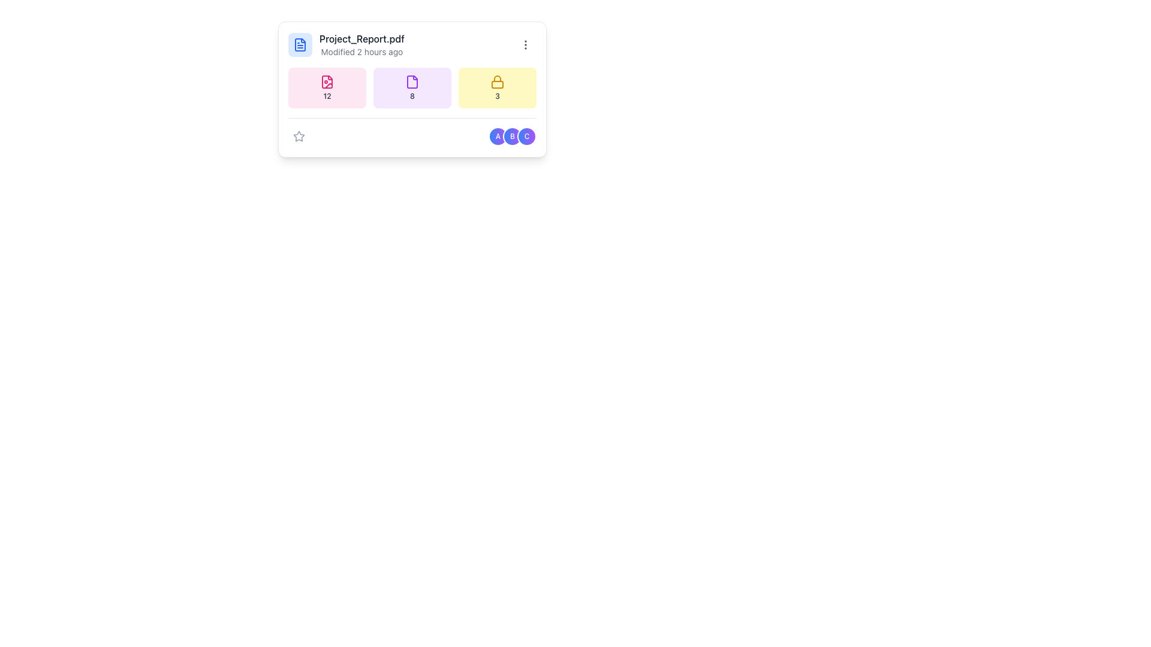 The height and width of the screenshot is (647, 1151). What do you see at coordinates (498, 135) in the screenshot?
I see `the leftmost avatar, which is a small circular element with a gradient background from blue to purple and a bold white uppercase 'A' at its center` at bounding box center [498, 135].